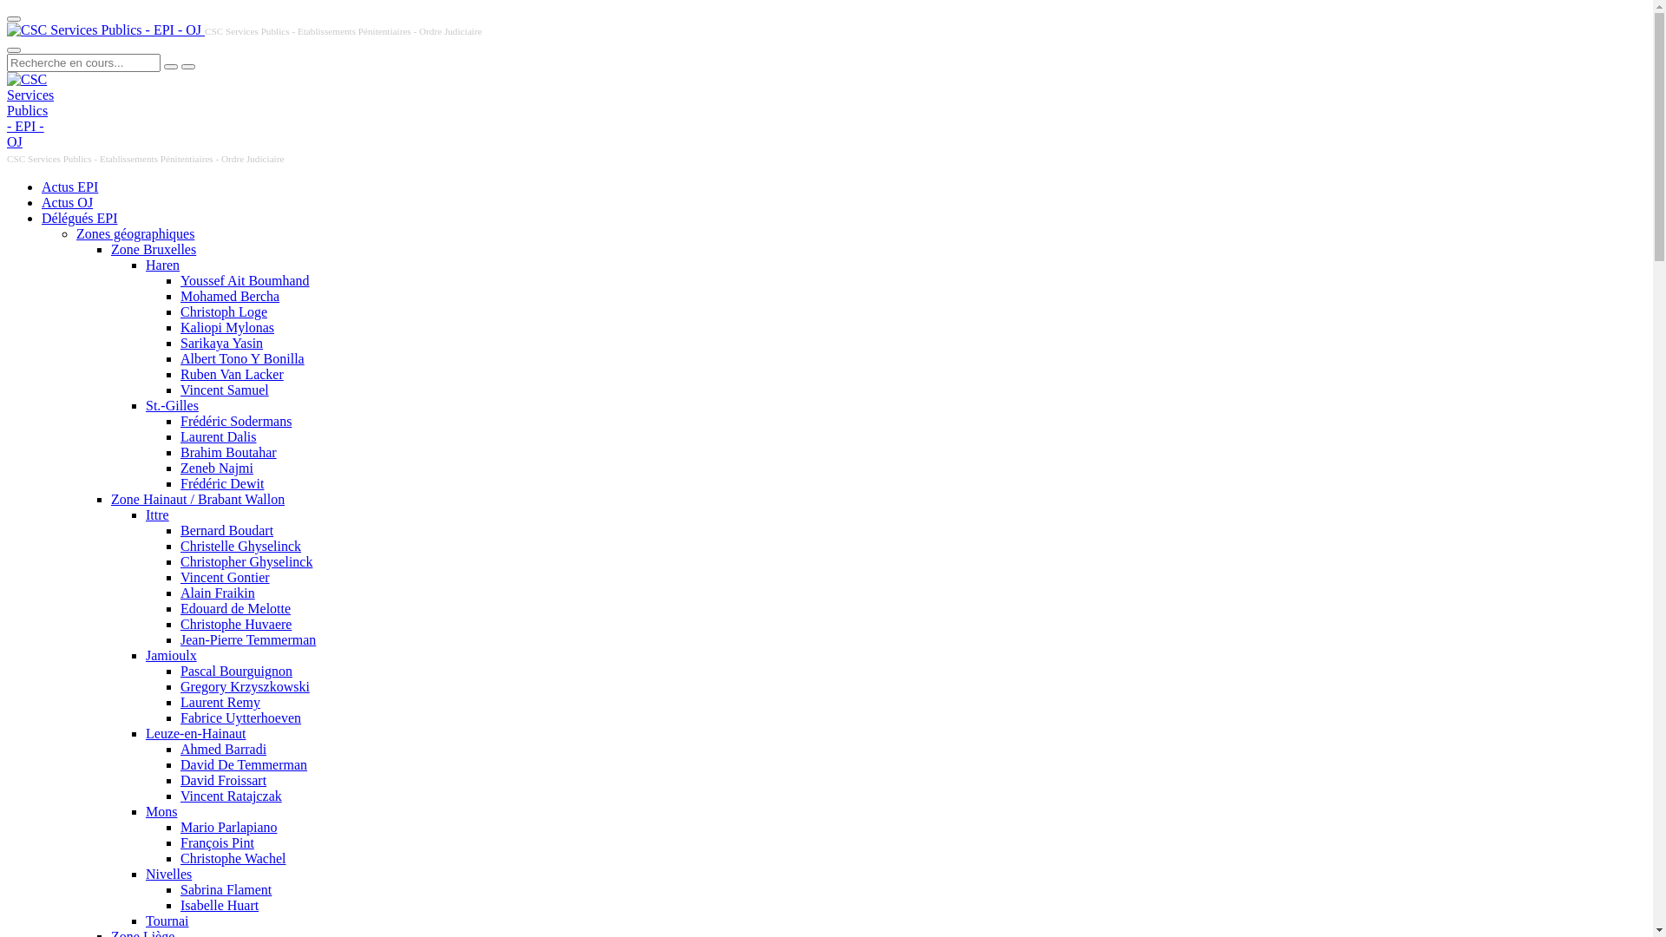  What do you see at coordinates (103, 29) in the screenshot?
I see `'CSC Services Publics - EPI - OJ'` at bounding box center [103, 29].